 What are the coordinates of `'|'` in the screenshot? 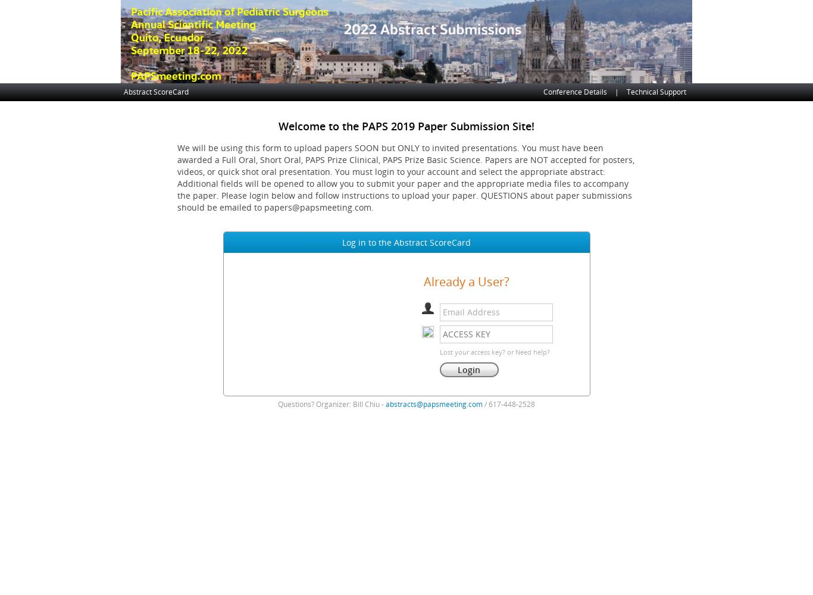 It's located at (616, 92).